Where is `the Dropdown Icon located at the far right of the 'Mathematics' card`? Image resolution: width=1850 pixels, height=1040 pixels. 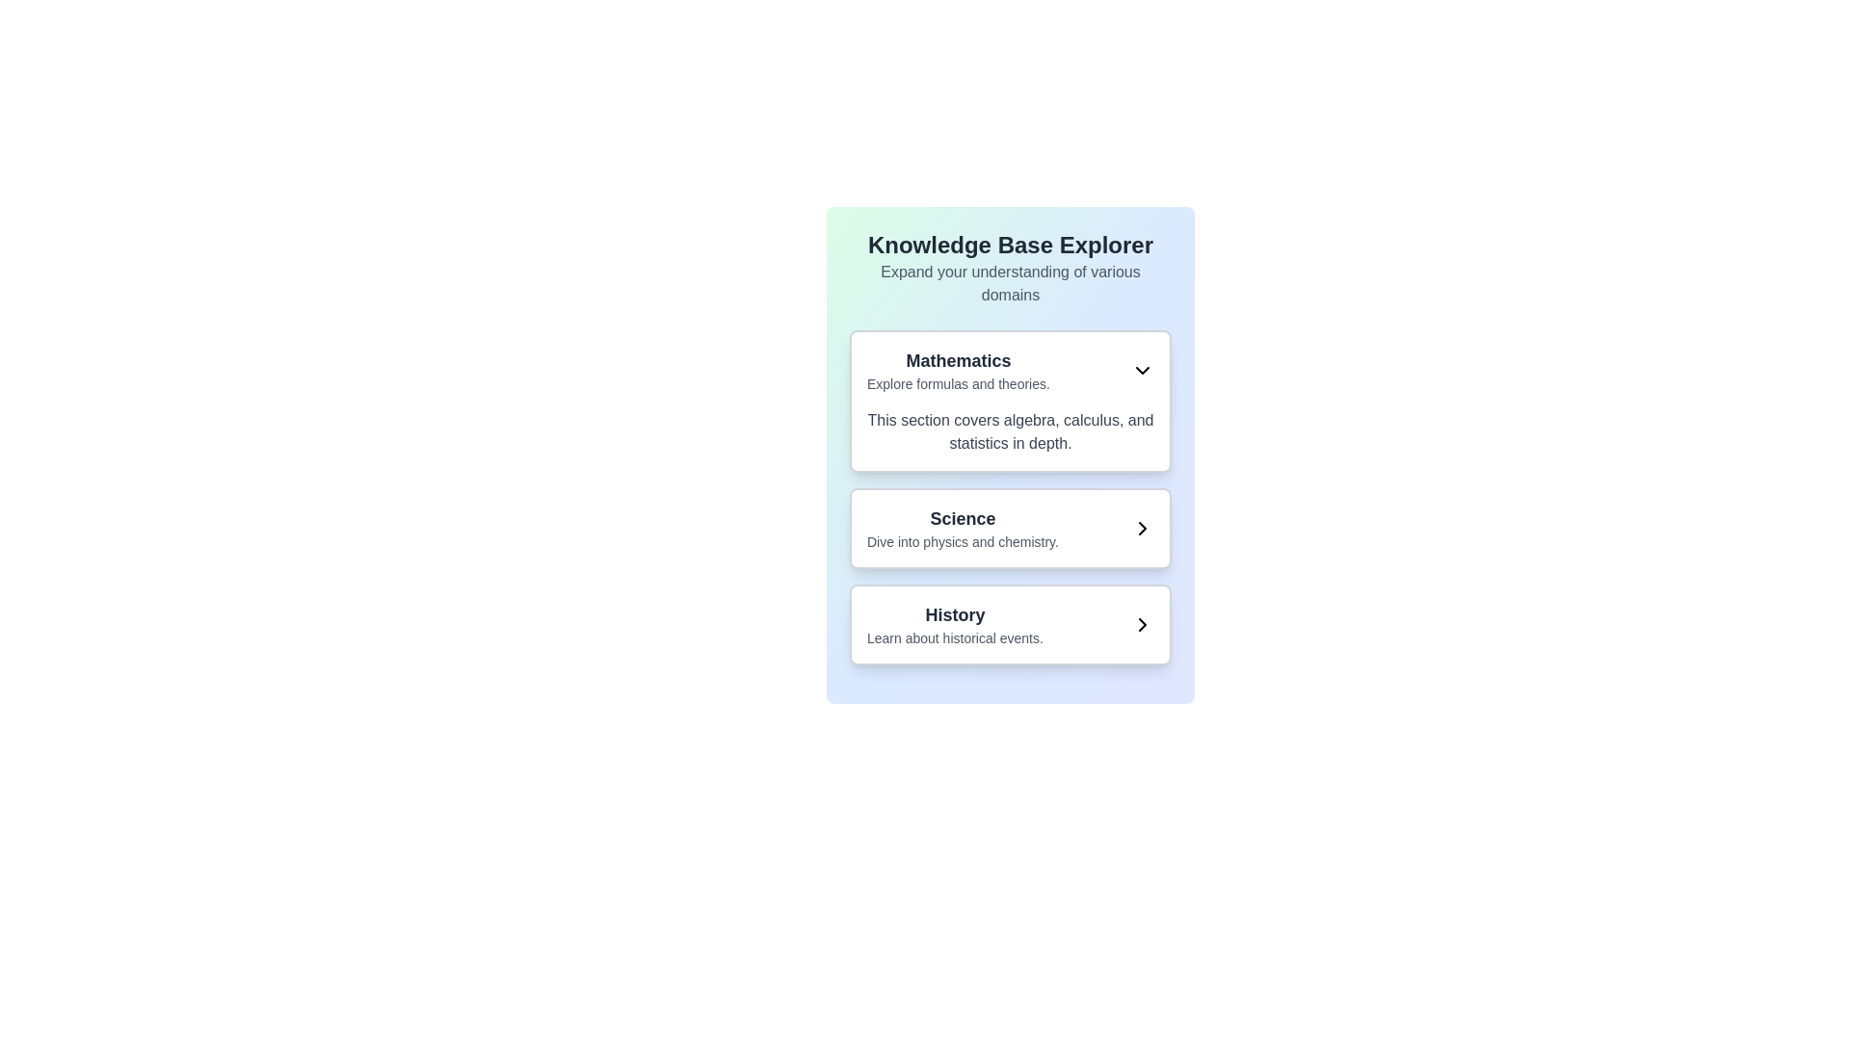 the Dropdown Icon located at the far right of the 'Mathematics' card is located at coordinates (1142, 371).